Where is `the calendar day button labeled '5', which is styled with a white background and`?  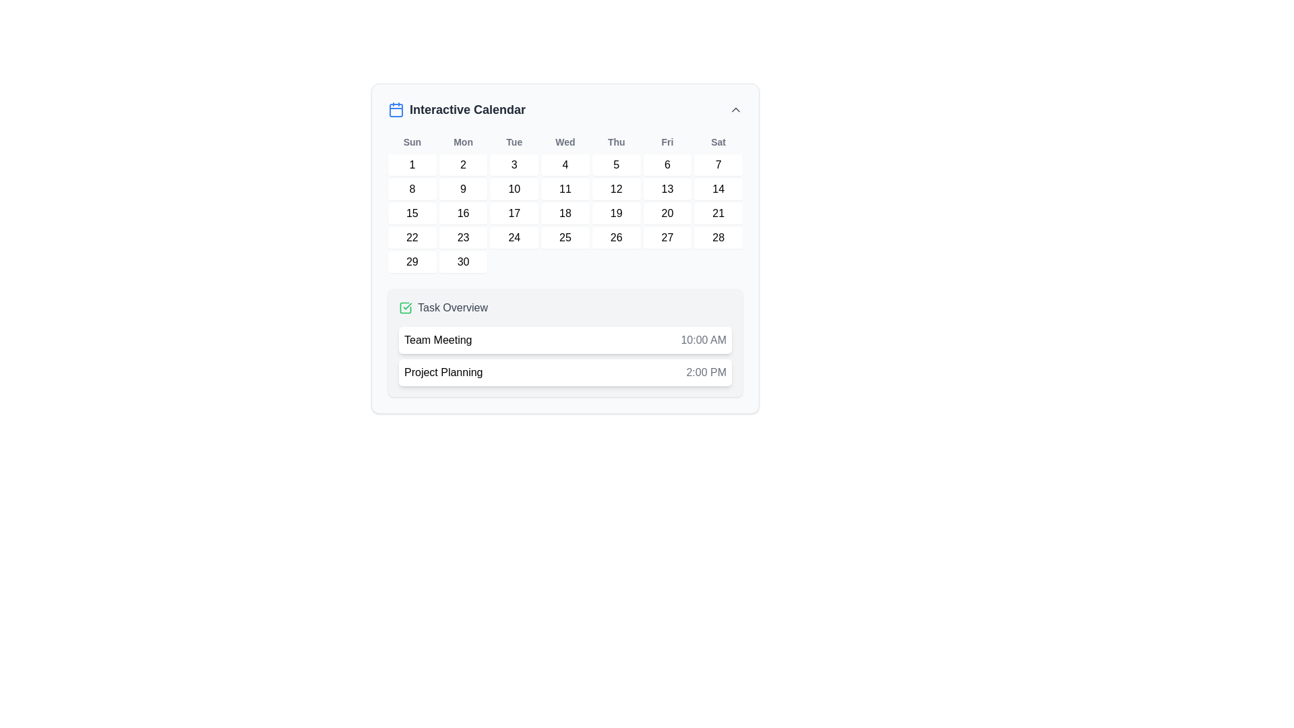 the calendar day button labeled '5', which is styled with a white background and is located at coordinates (615, 164).